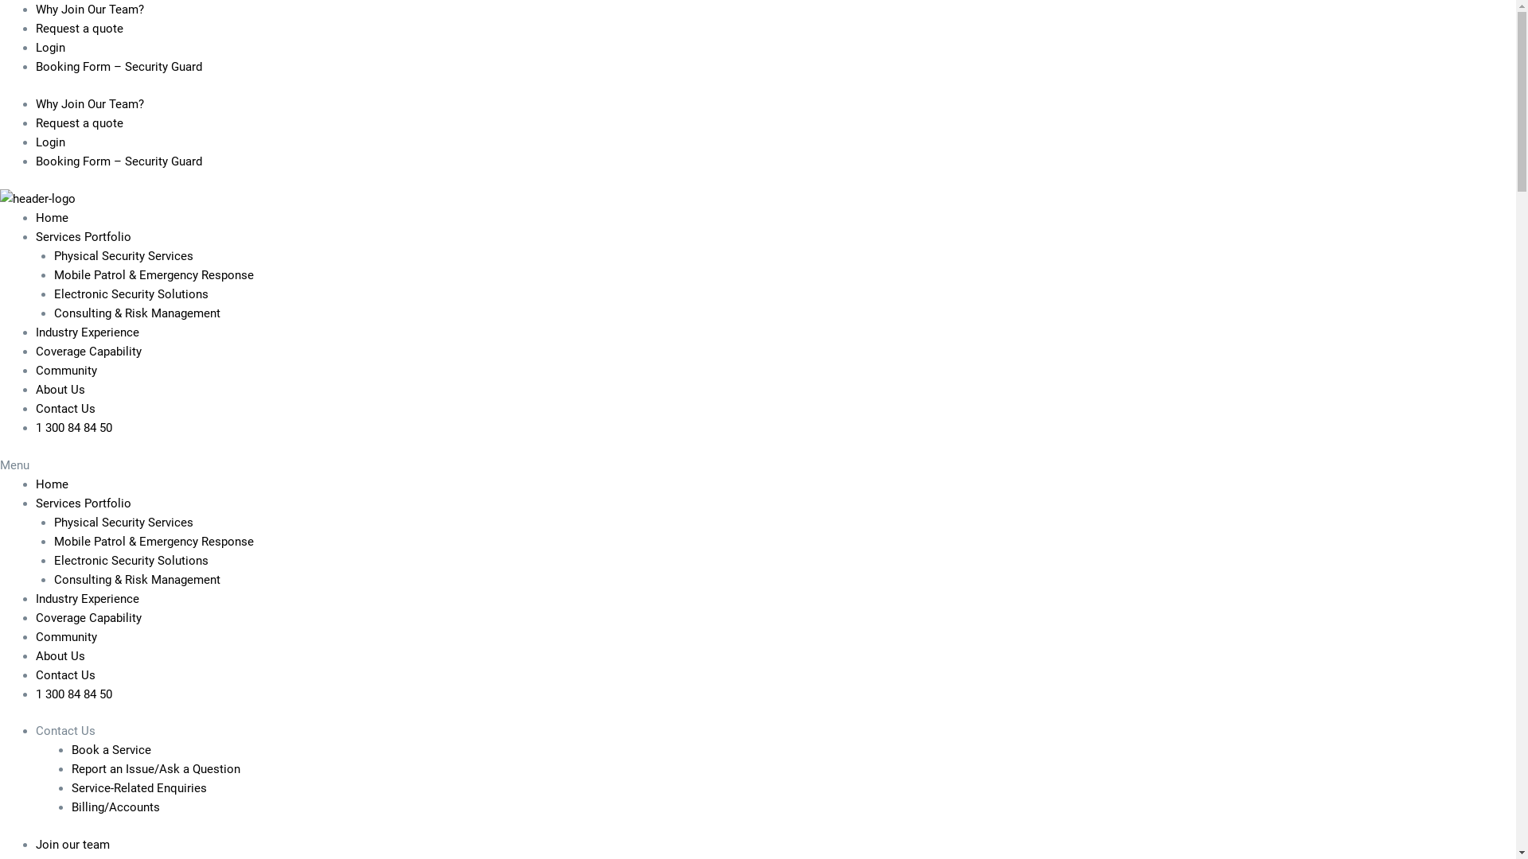  What do you see at coordinates (72, 426) in the screenshot?
I see `'1 300 84 84 50'` at bounding box center [72, 426].